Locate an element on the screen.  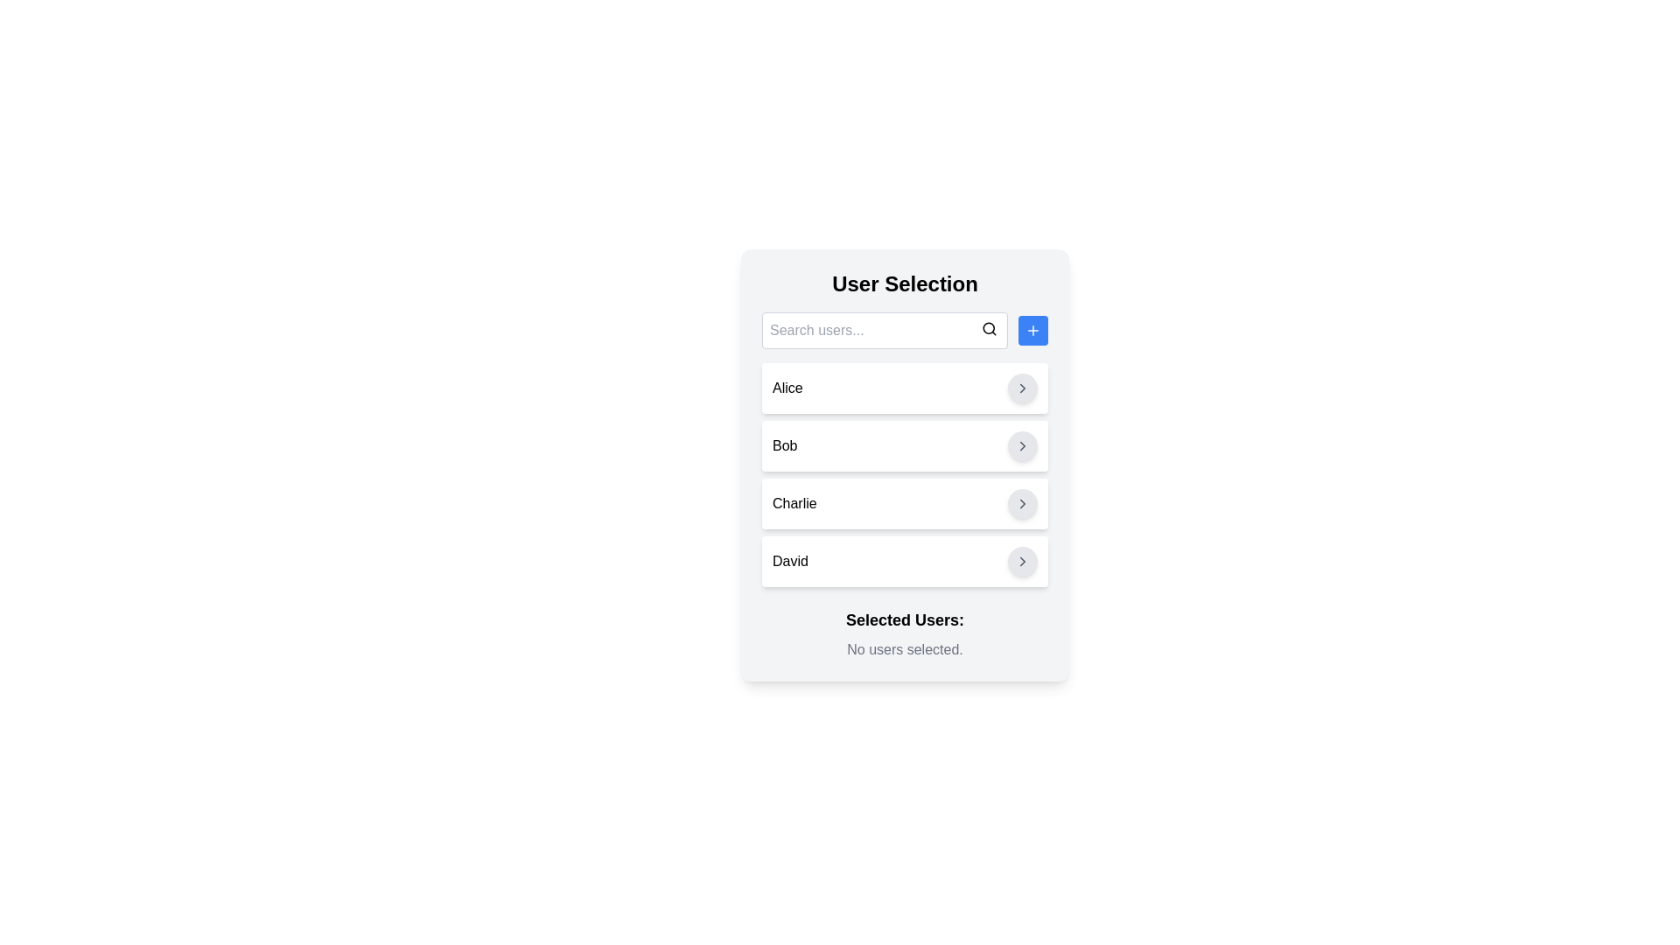
the right-pointing chevron icon next to the item labeled 'Bob' in the user selection list is located at coordinates (1023, 444).